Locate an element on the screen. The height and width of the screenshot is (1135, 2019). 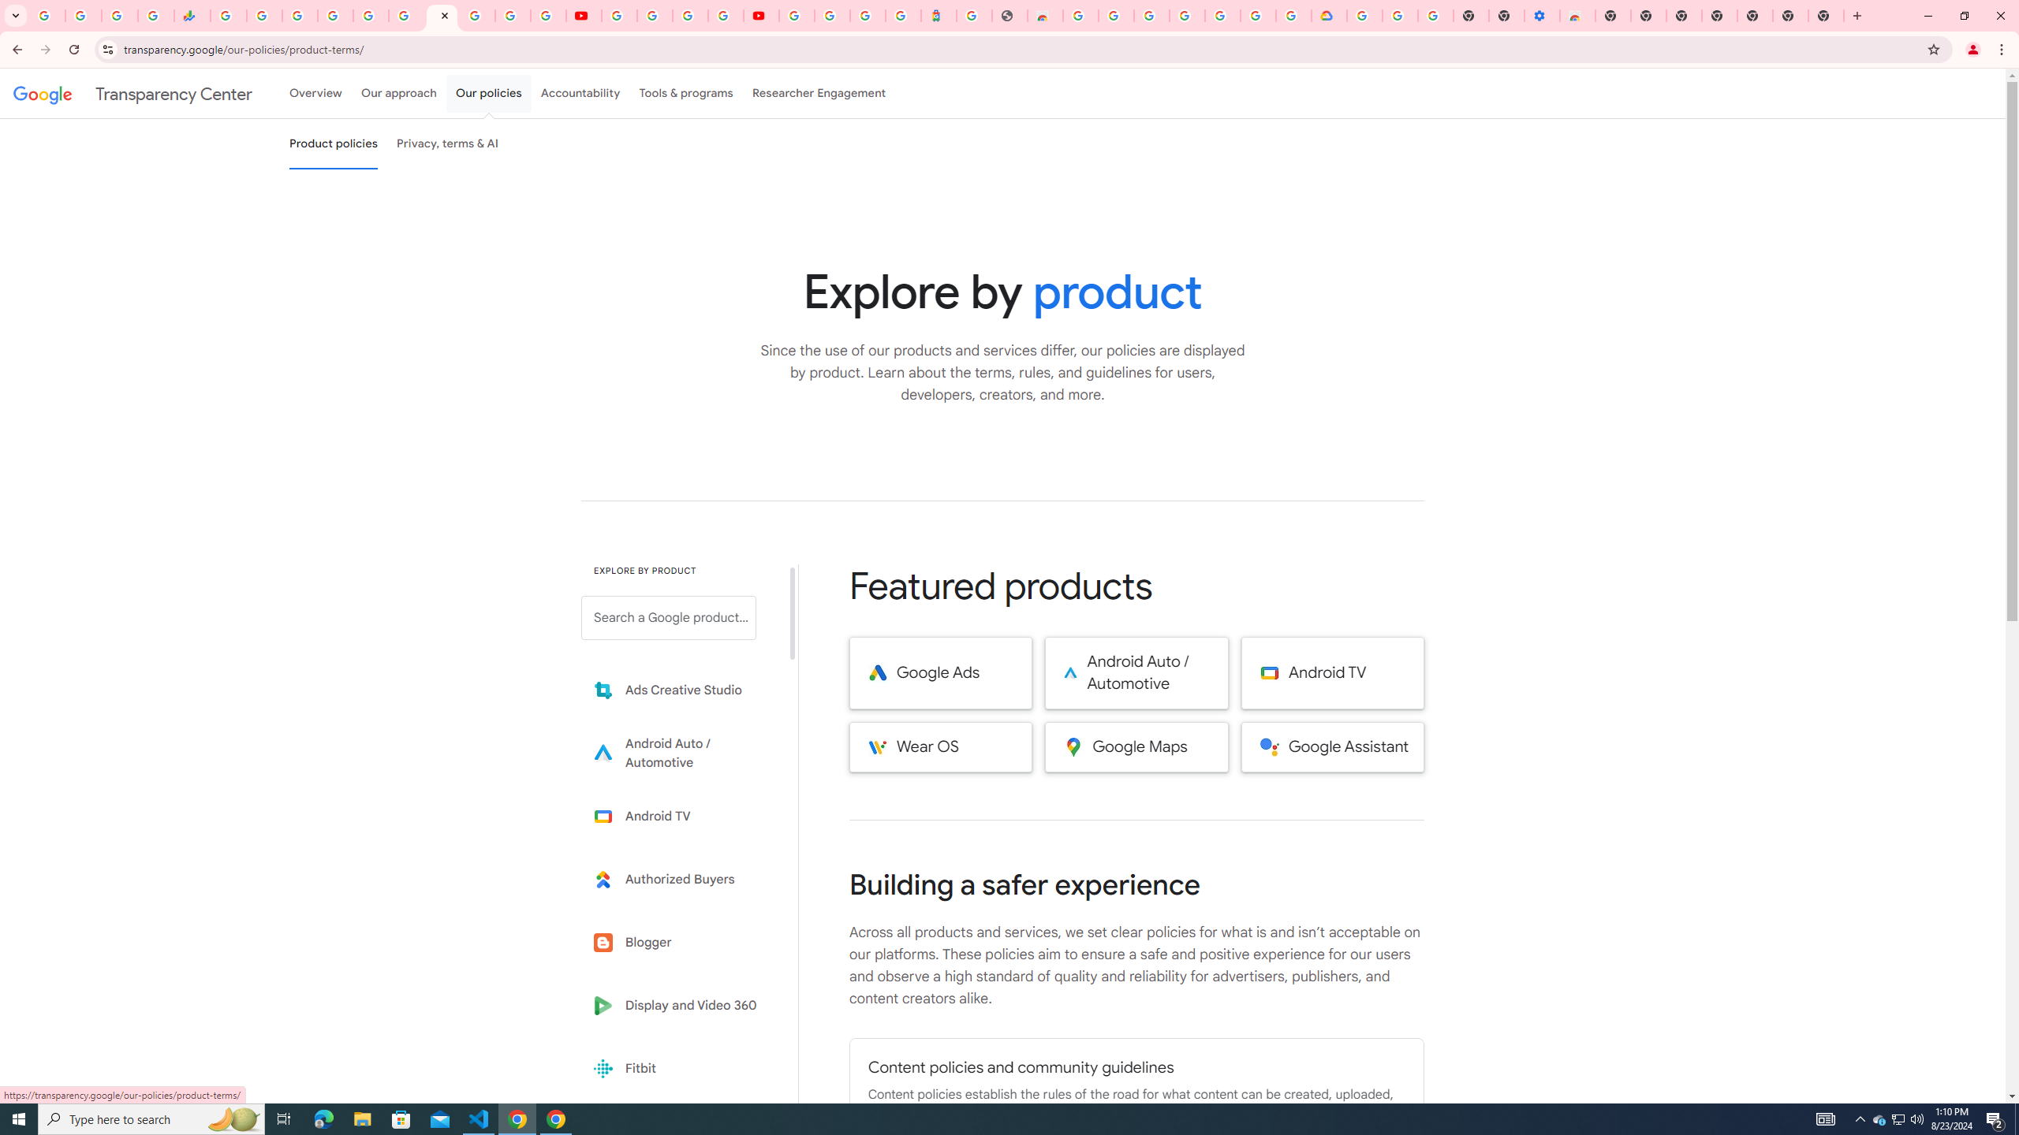
'Chrome Web Store - Household' is located at coordinates (1044, 15).